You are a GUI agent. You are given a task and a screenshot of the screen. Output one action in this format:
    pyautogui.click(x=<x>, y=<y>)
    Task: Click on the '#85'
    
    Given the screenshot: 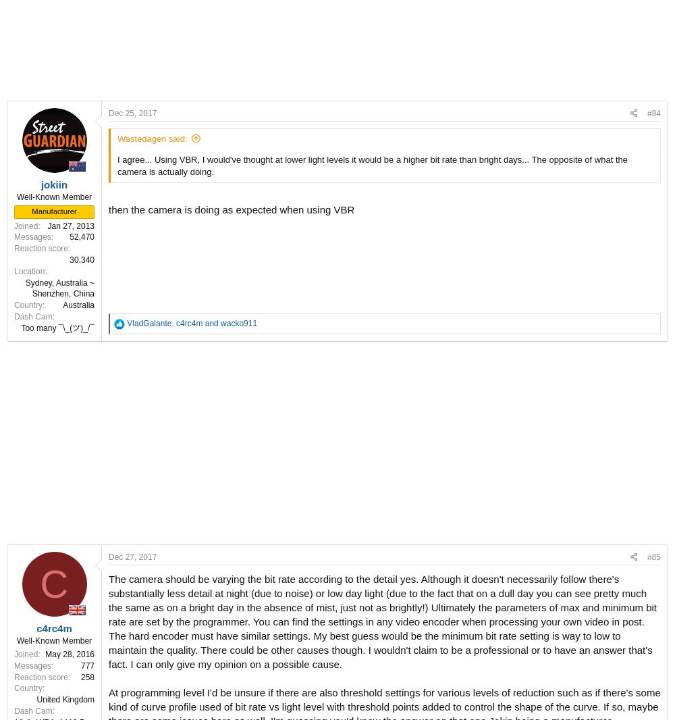 What is the action you would take?
    pyautogui.click(x=653, y=557)
    